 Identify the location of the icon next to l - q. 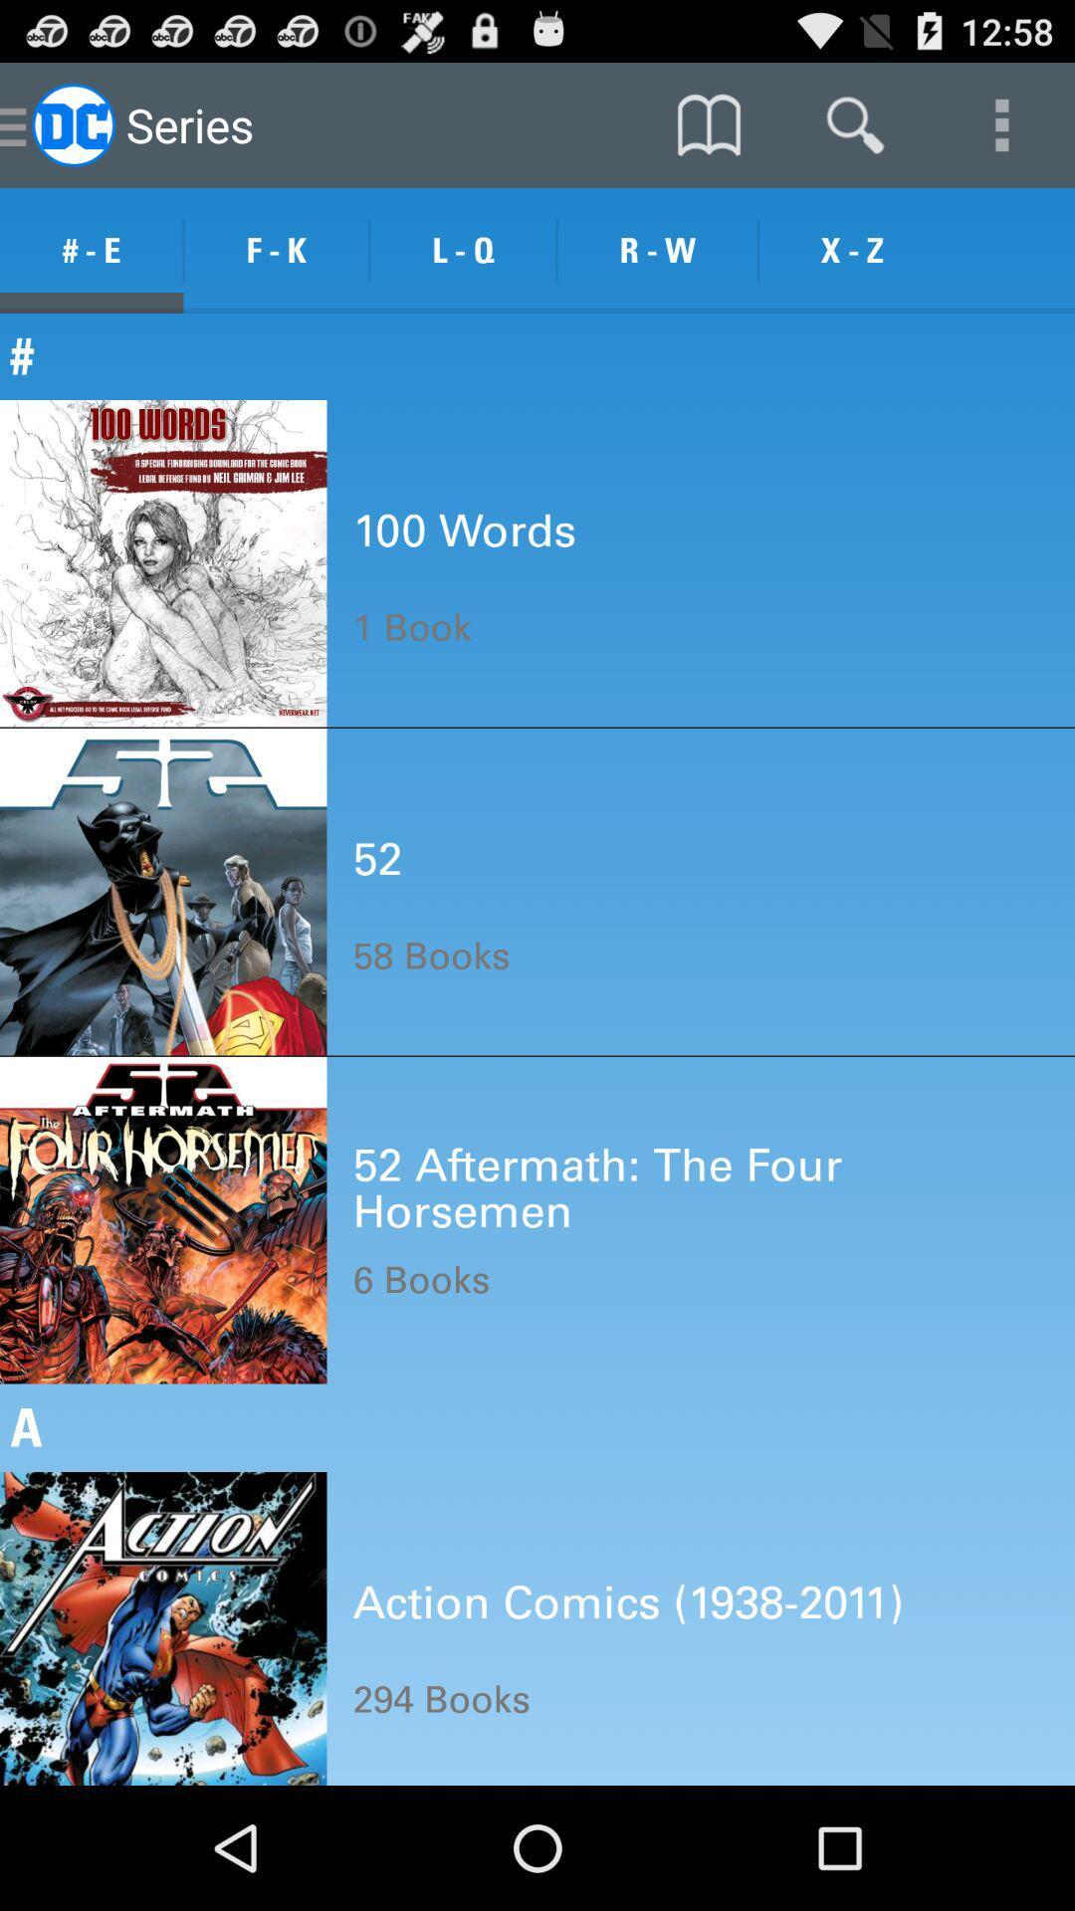
(657, 250).